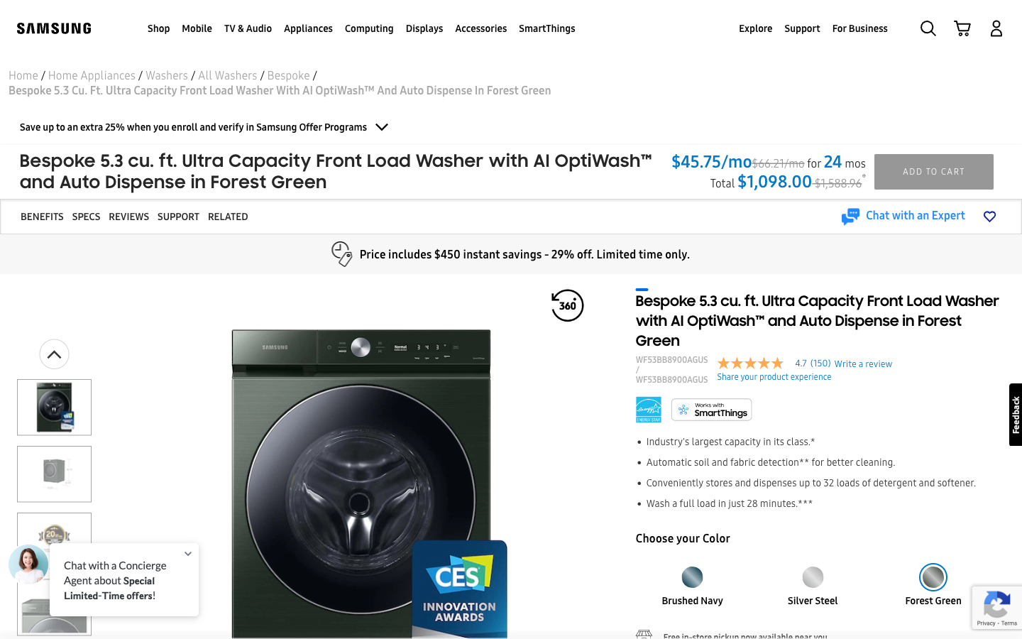  What do you see at coordinates (128, 216) in the screenshot?
I see `Verify the customer feedback for the washer` at bounding box center [128, 216].